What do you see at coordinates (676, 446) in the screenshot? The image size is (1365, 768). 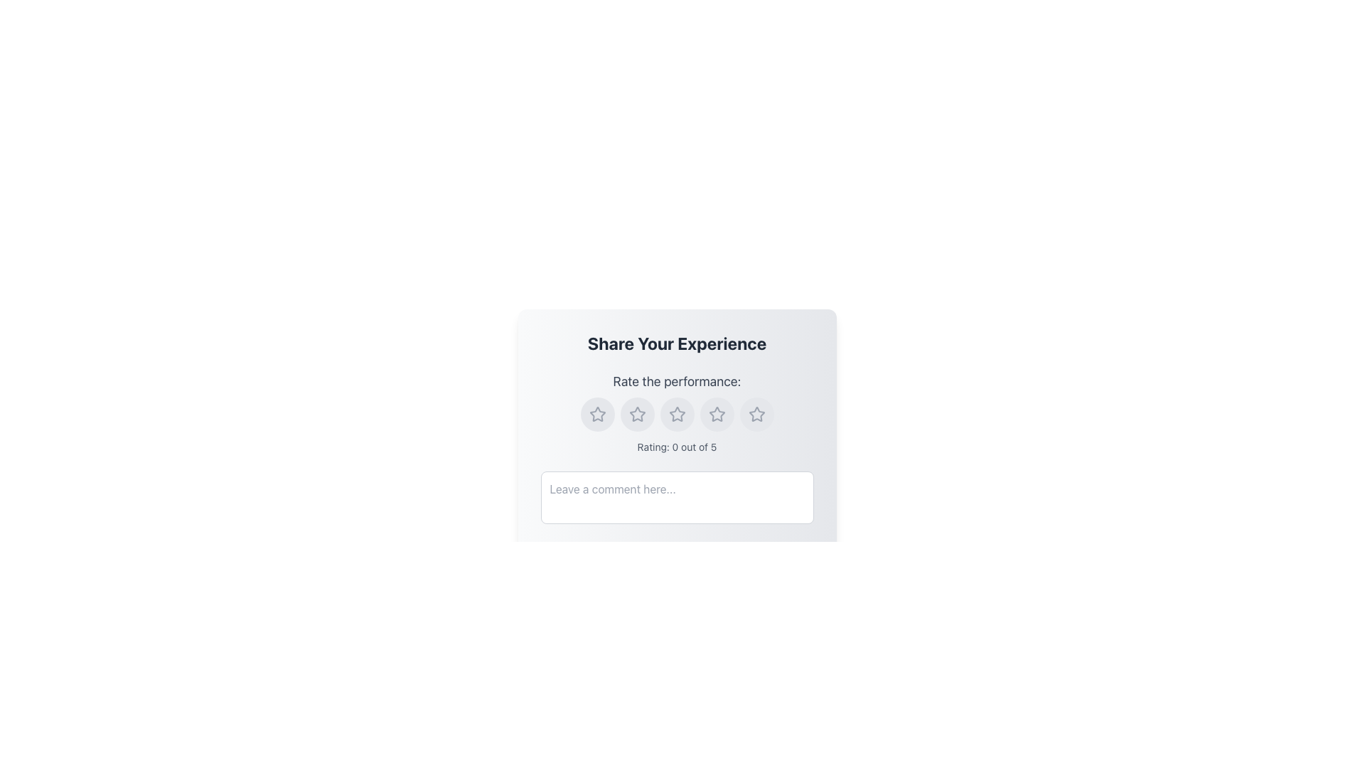 I see `the Informational Label that displays the current rating value, which is centrally located below the star icons and above the comment input field` at bounding box center [676, 446].